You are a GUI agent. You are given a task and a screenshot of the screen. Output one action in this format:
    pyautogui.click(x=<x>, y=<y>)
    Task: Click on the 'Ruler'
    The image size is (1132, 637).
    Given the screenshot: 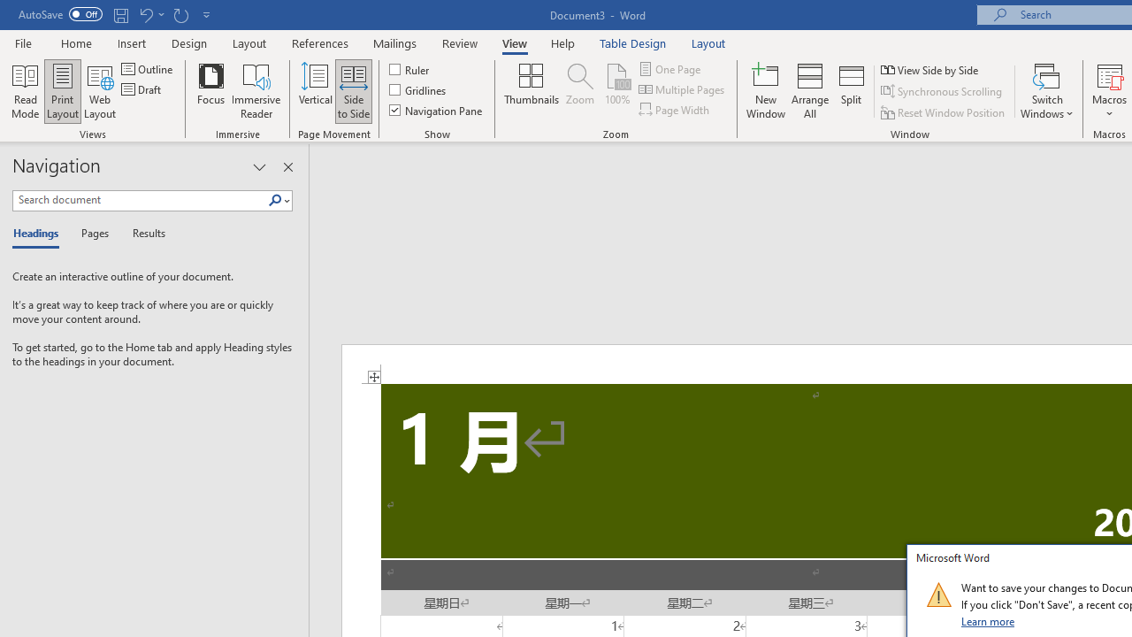 What is the action you would take?
    pyautogui.click(x=409, y=68)
    